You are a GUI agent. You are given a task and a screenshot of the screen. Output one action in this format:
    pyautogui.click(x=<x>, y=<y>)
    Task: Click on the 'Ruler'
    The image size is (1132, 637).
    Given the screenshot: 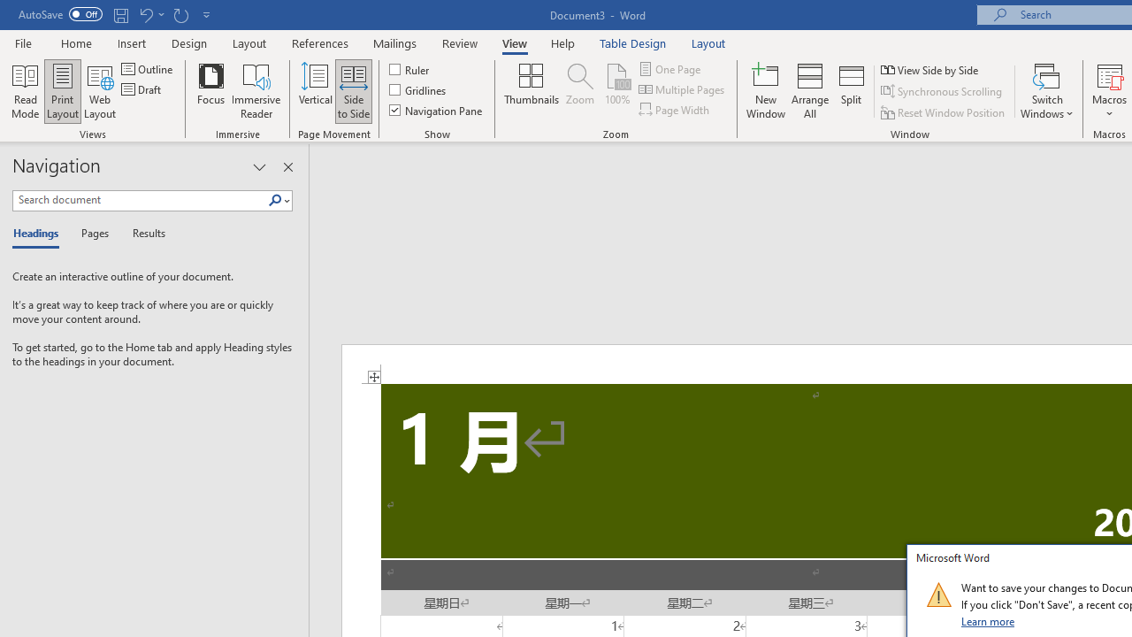 What is the action you would take?
    pyautogui.click(x=409, y=68)
    